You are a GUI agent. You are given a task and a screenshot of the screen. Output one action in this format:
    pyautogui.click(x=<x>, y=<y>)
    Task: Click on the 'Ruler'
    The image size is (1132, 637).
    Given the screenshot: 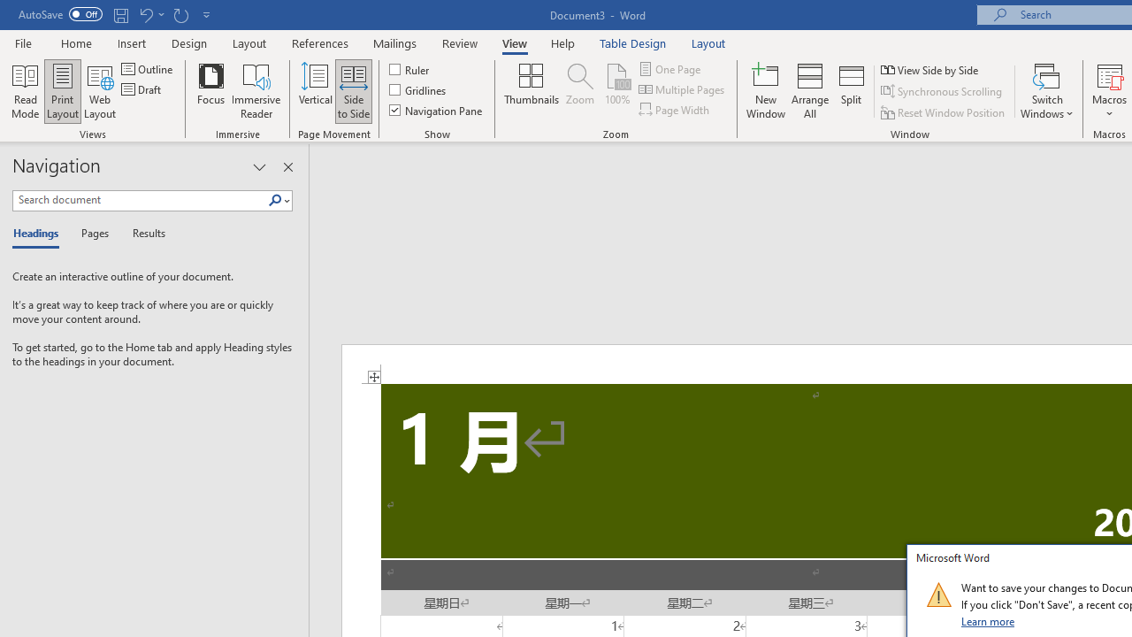 What is the action you would take?
    pyautogui.click(x=409, y=68)
    